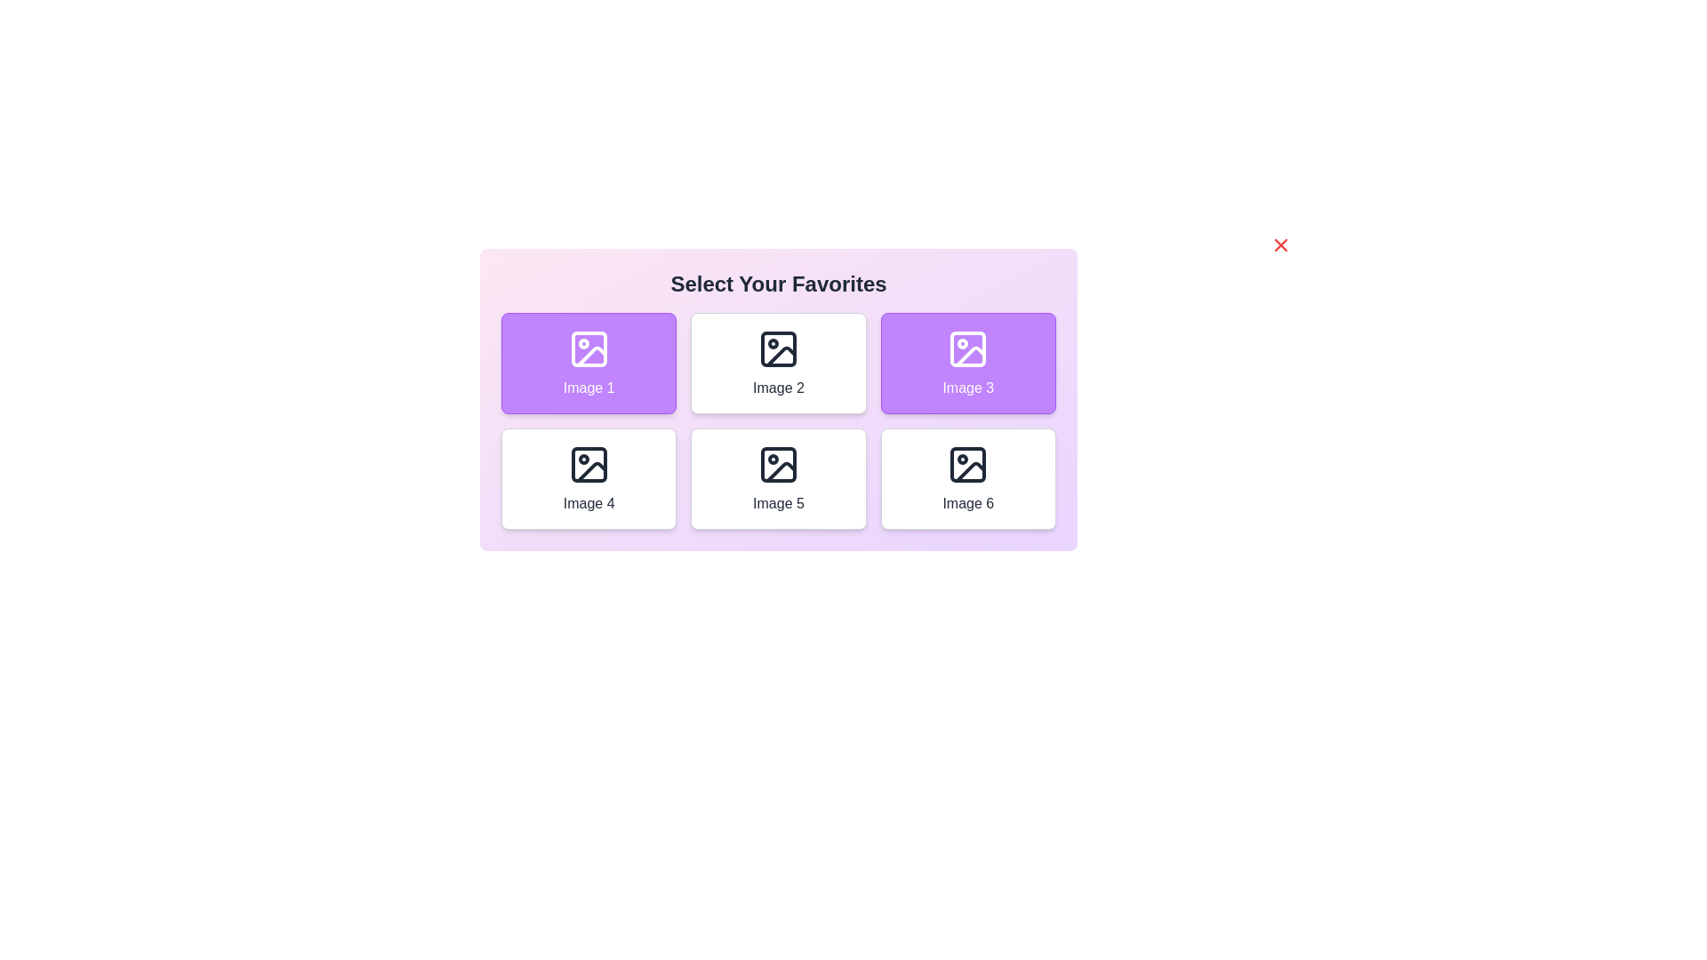 The height and width of the screenshot is (960, 1707). What do you see at coordinates (589, 478) in the screenshot?
I see `the image labeled Image 4 to toggle its selection state` at bounding box center [589, 478].